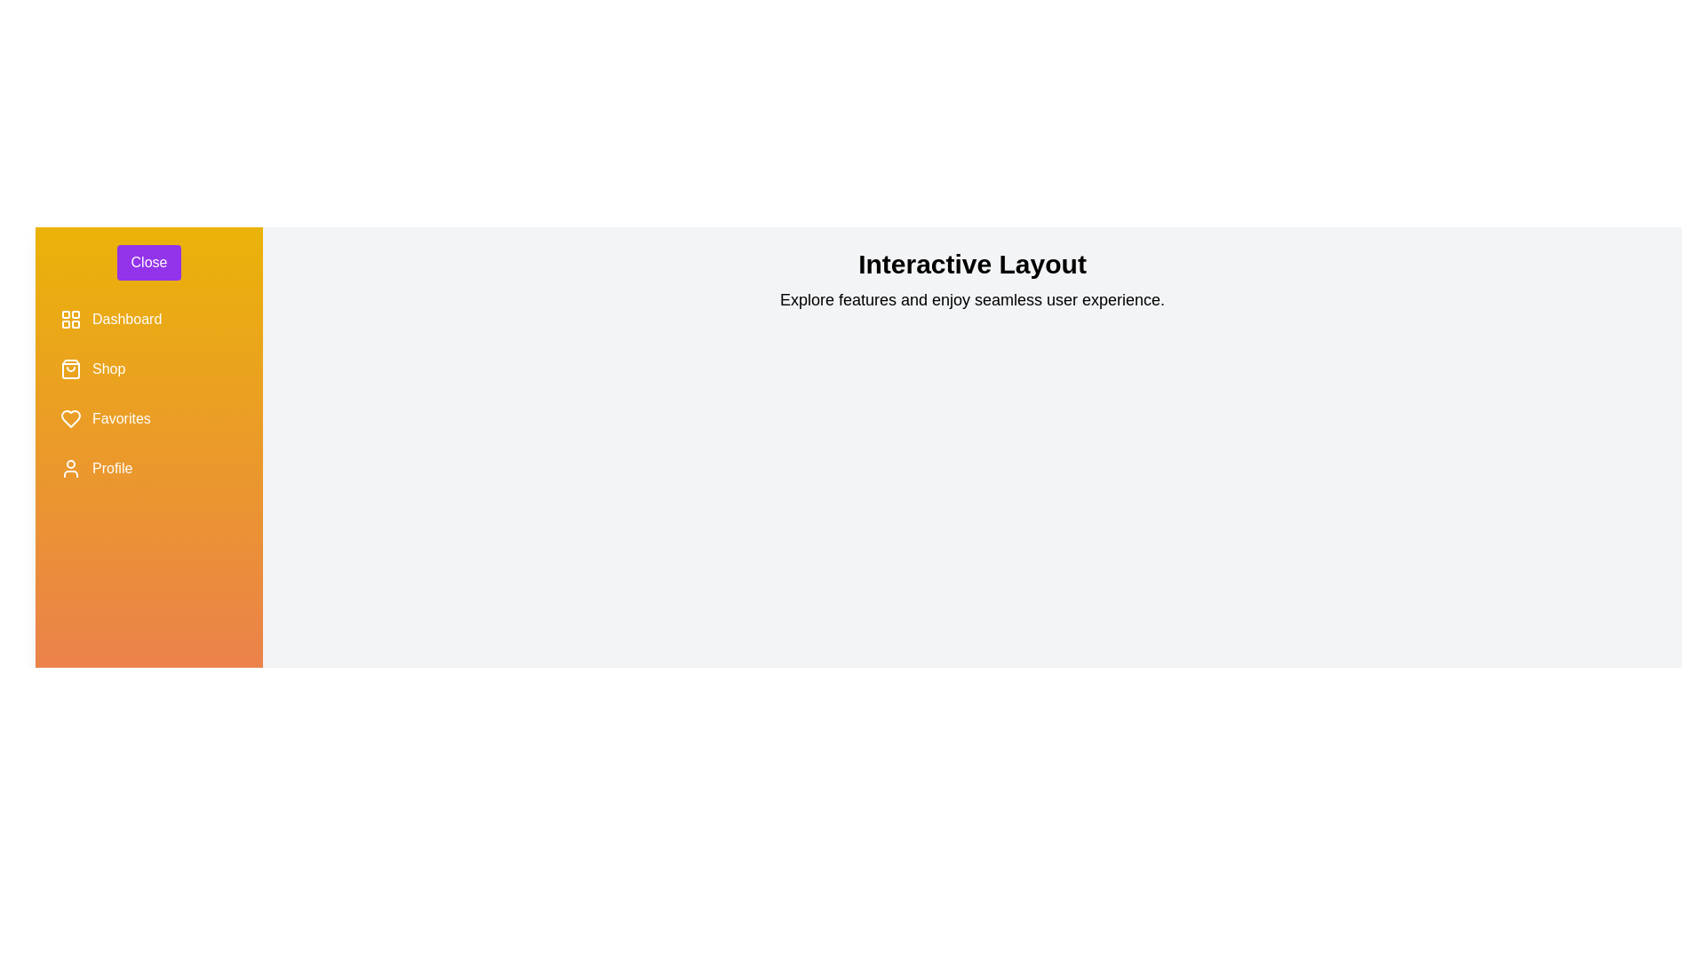  I want to click on the menu item Profile in the sidebar, so click(149, 468).